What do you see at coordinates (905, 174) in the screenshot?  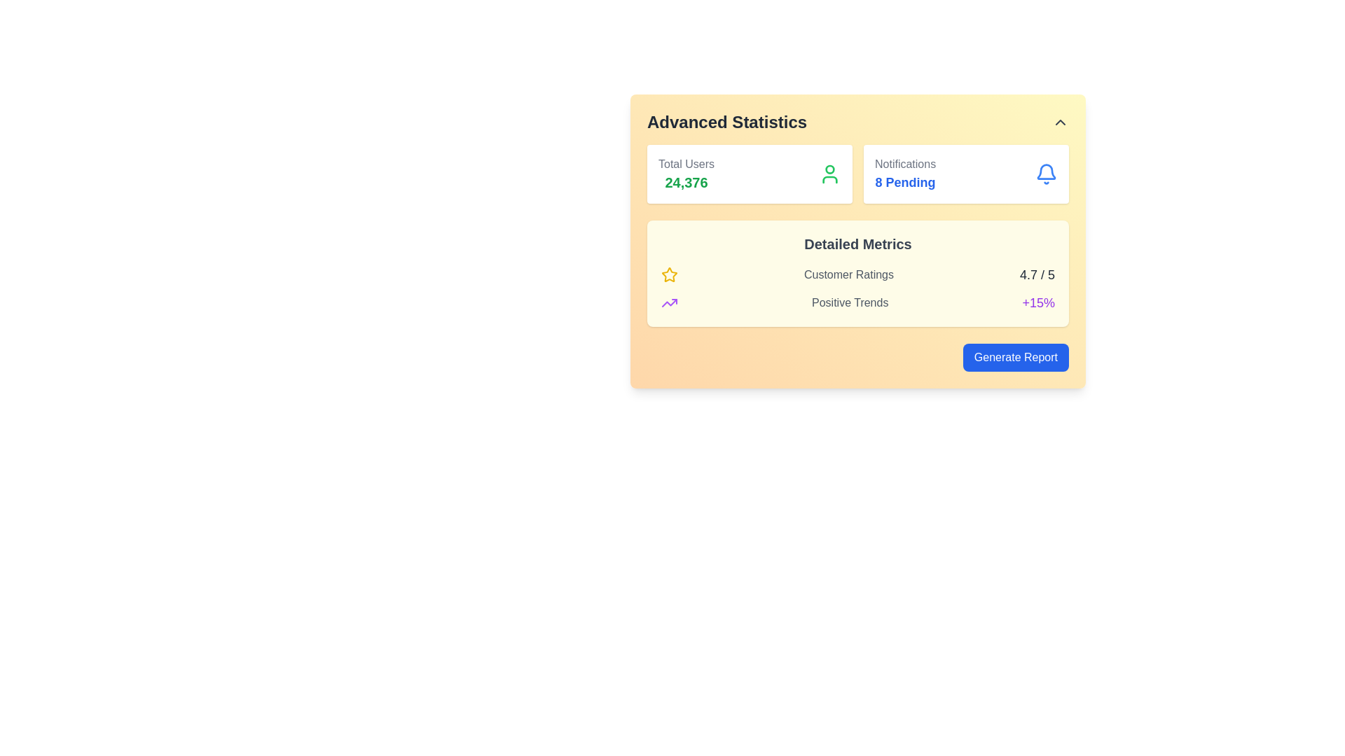 I see `notification count displayed in the label, which indicates '8 Pending' in bold blue text, located in the top-right section of the card next to a blue bell icon` at bounding box center [905, 174].